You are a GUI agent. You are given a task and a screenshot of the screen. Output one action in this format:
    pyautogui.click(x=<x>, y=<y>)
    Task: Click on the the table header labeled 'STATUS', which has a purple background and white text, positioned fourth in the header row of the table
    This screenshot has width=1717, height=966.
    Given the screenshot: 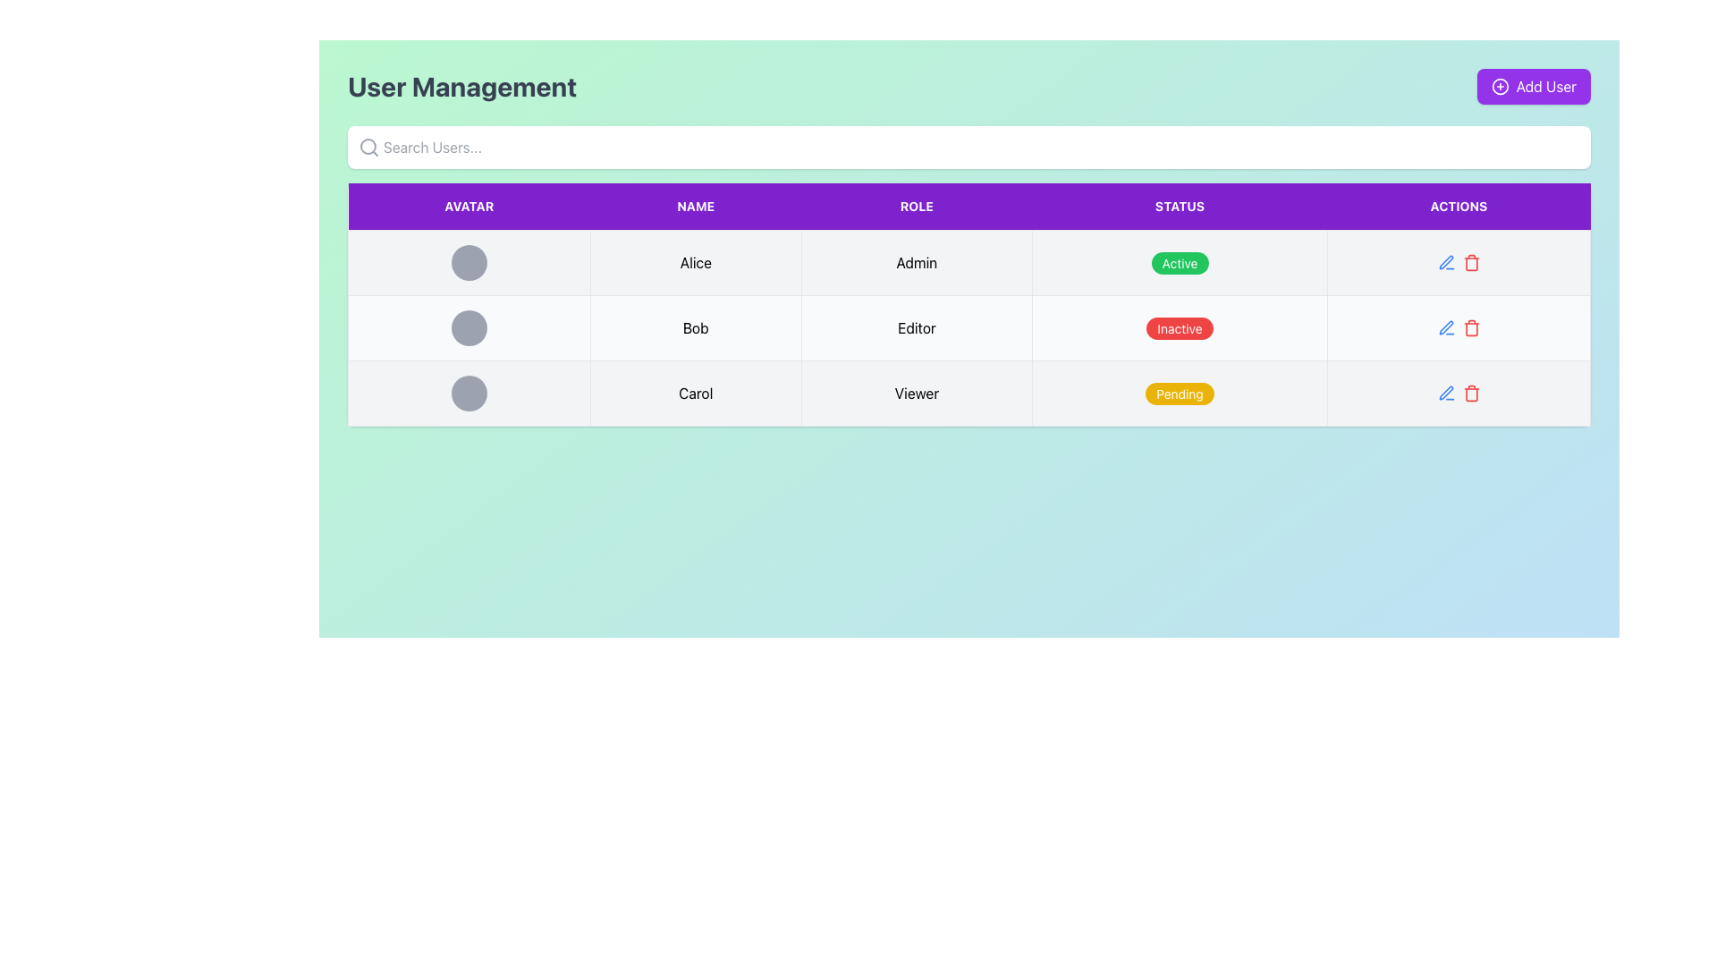 What is the action you would take?
    pyautogui.click(x=1180, y=206)
    